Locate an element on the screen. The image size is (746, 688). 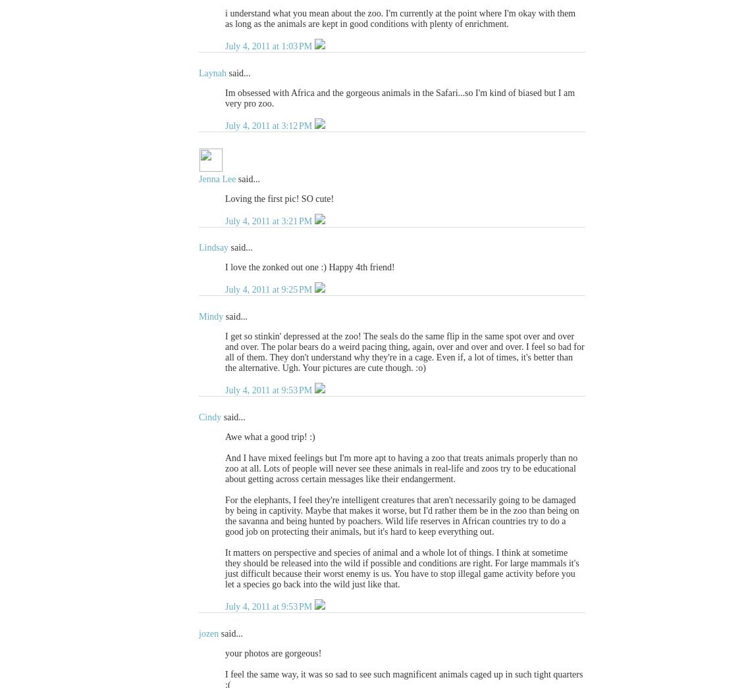
'i understand what you mean about the zoo.  I'm currently at the point where I'm okay with them as long as the animals are kept in good conditions with plenty of enrichment.' is located at coordinates (400, 18).